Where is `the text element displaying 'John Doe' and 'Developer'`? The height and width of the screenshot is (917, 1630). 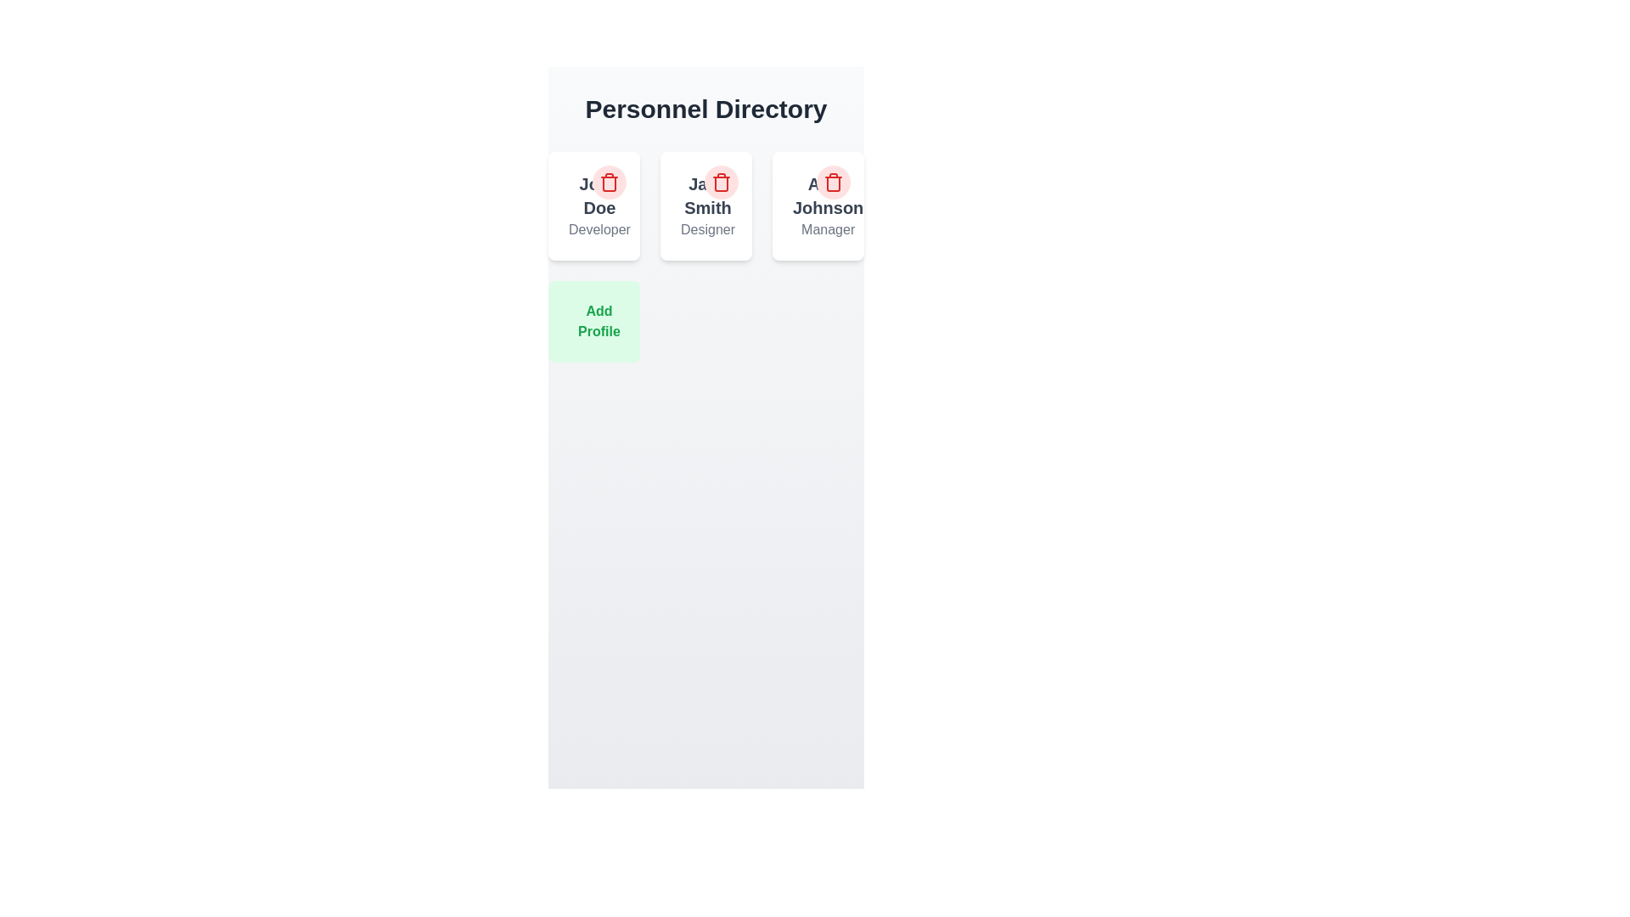 the text element displaying 'John Doe' and 'Developer' is located at coordinates (599, 205).